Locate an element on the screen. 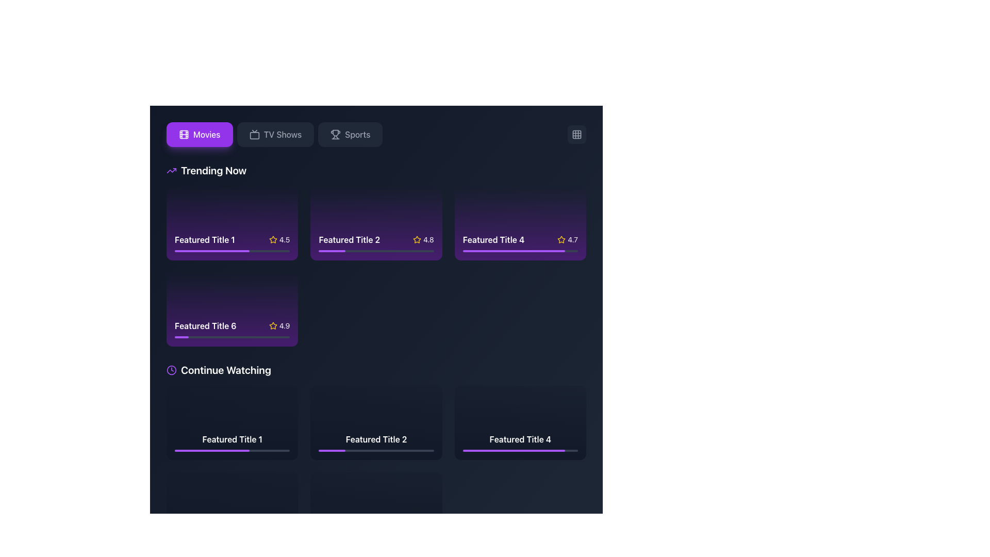 Image resolution: width=990 pixels, height=557 pixels. the text label displaying 'Featured Title 1' located in the upper-left card of the 'Trending Now' section, which is styled in bold white font against a purple background is located at coordinates (205, 239).